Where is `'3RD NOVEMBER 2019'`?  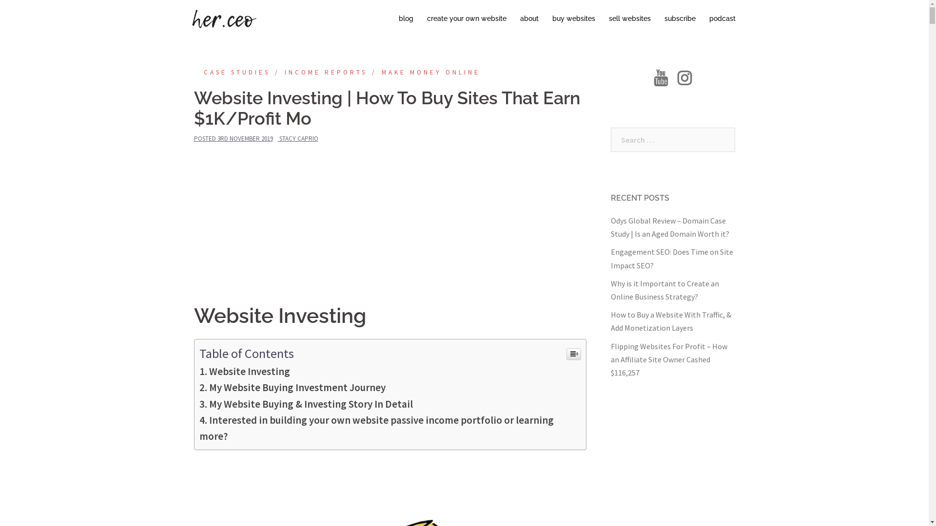 '3RD NOVEMBER 2019' is located at coordinates (245, 138).